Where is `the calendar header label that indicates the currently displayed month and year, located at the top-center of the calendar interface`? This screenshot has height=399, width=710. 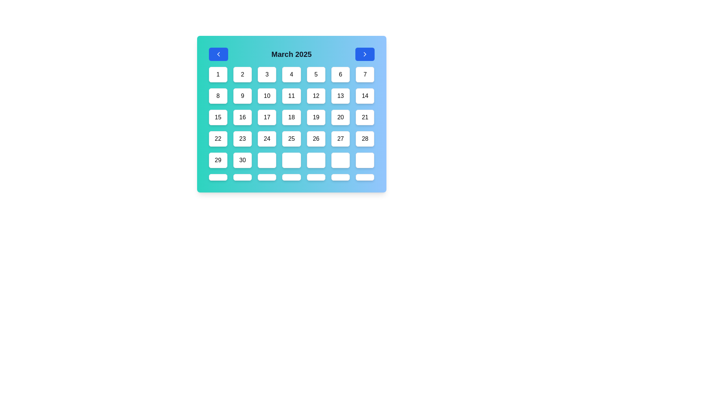
the calendar header label that indicates the currently displayed month and year, located at the top-center of the calendar interface is located at coordinates (291, 54).